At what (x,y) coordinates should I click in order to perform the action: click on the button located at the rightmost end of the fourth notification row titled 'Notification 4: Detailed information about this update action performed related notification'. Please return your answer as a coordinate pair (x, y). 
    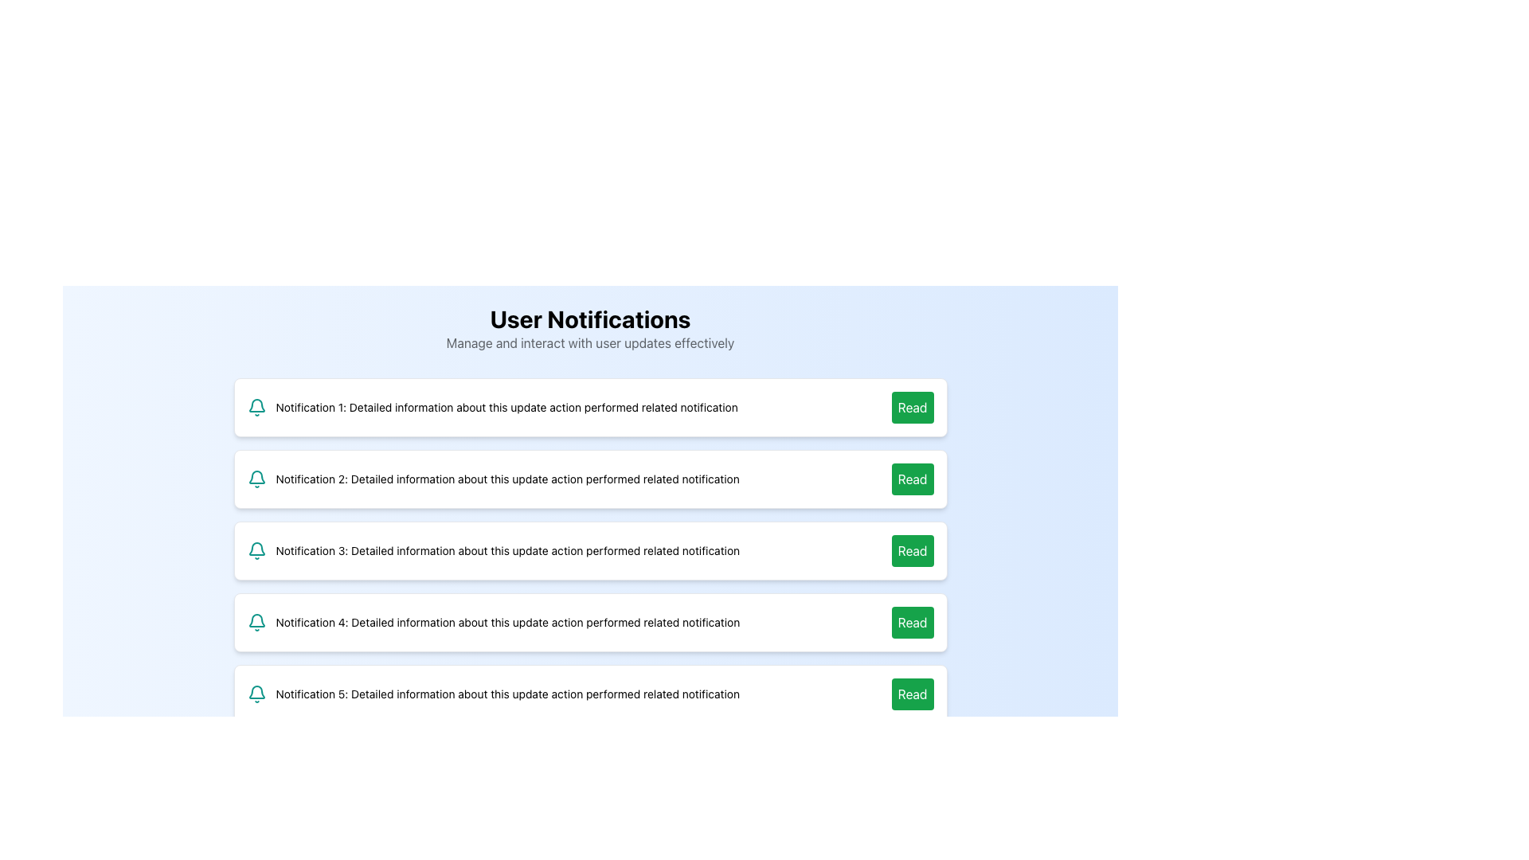
    Looking at the image, I should click on (913, 622).